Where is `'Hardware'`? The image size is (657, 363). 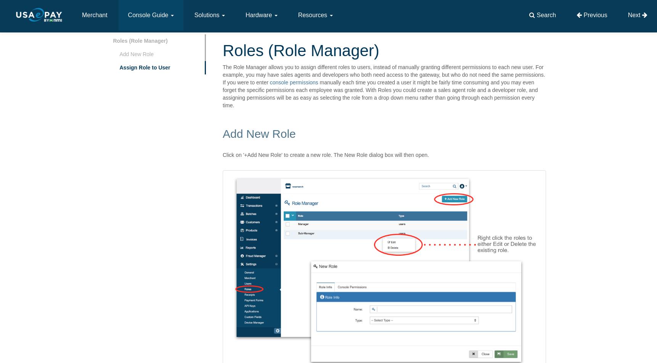 'Hardware' is located at coordinates (259, 15).